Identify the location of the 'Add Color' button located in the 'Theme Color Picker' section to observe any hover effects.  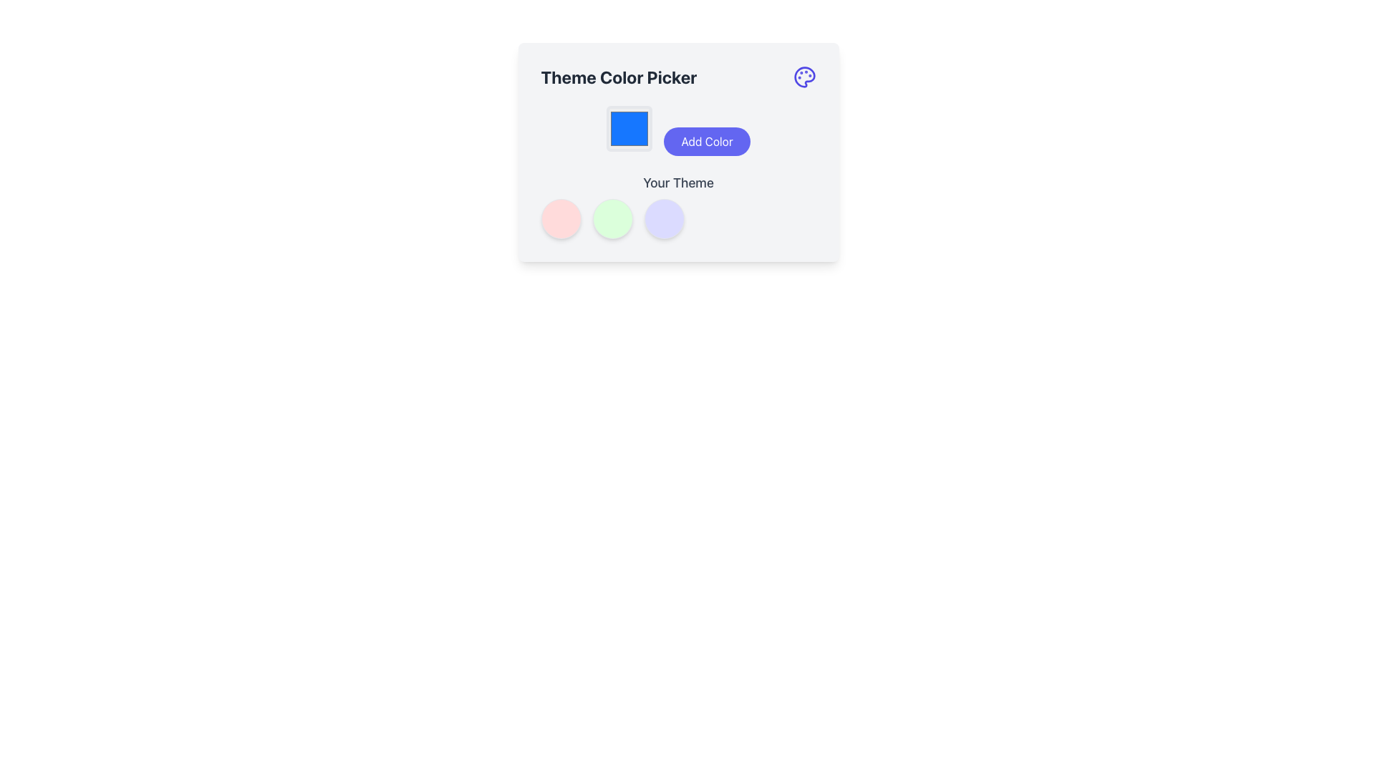
(677, 152).